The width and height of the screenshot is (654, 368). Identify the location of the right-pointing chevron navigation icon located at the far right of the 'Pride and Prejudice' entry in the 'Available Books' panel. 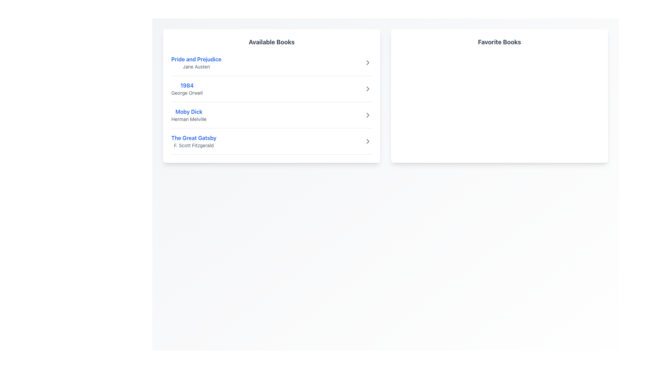
(368, 63).